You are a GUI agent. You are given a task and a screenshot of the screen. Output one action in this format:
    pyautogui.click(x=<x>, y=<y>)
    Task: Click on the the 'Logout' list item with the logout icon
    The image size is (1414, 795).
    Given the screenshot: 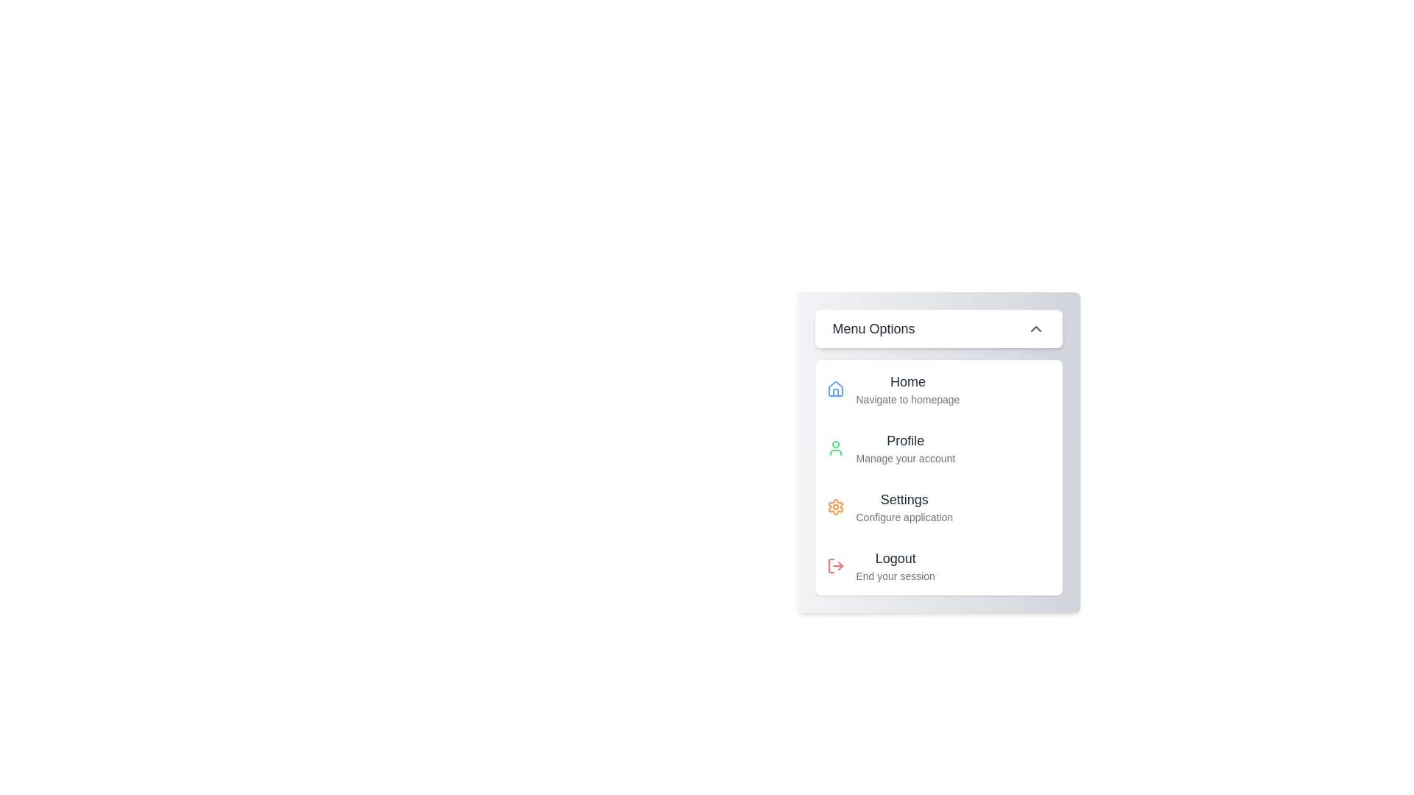 What is the action you would take?
    pyautogui.click(x=895, y=565)
    